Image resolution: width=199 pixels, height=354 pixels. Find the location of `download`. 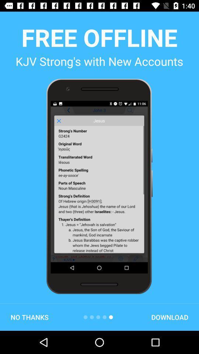

download is located at coordinates (170, 317).